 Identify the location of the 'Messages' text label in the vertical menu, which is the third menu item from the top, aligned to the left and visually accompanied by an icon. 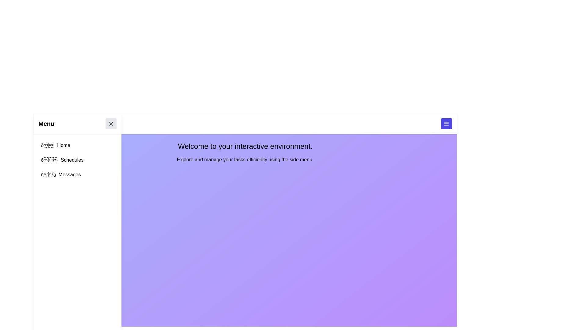
(70, 174).